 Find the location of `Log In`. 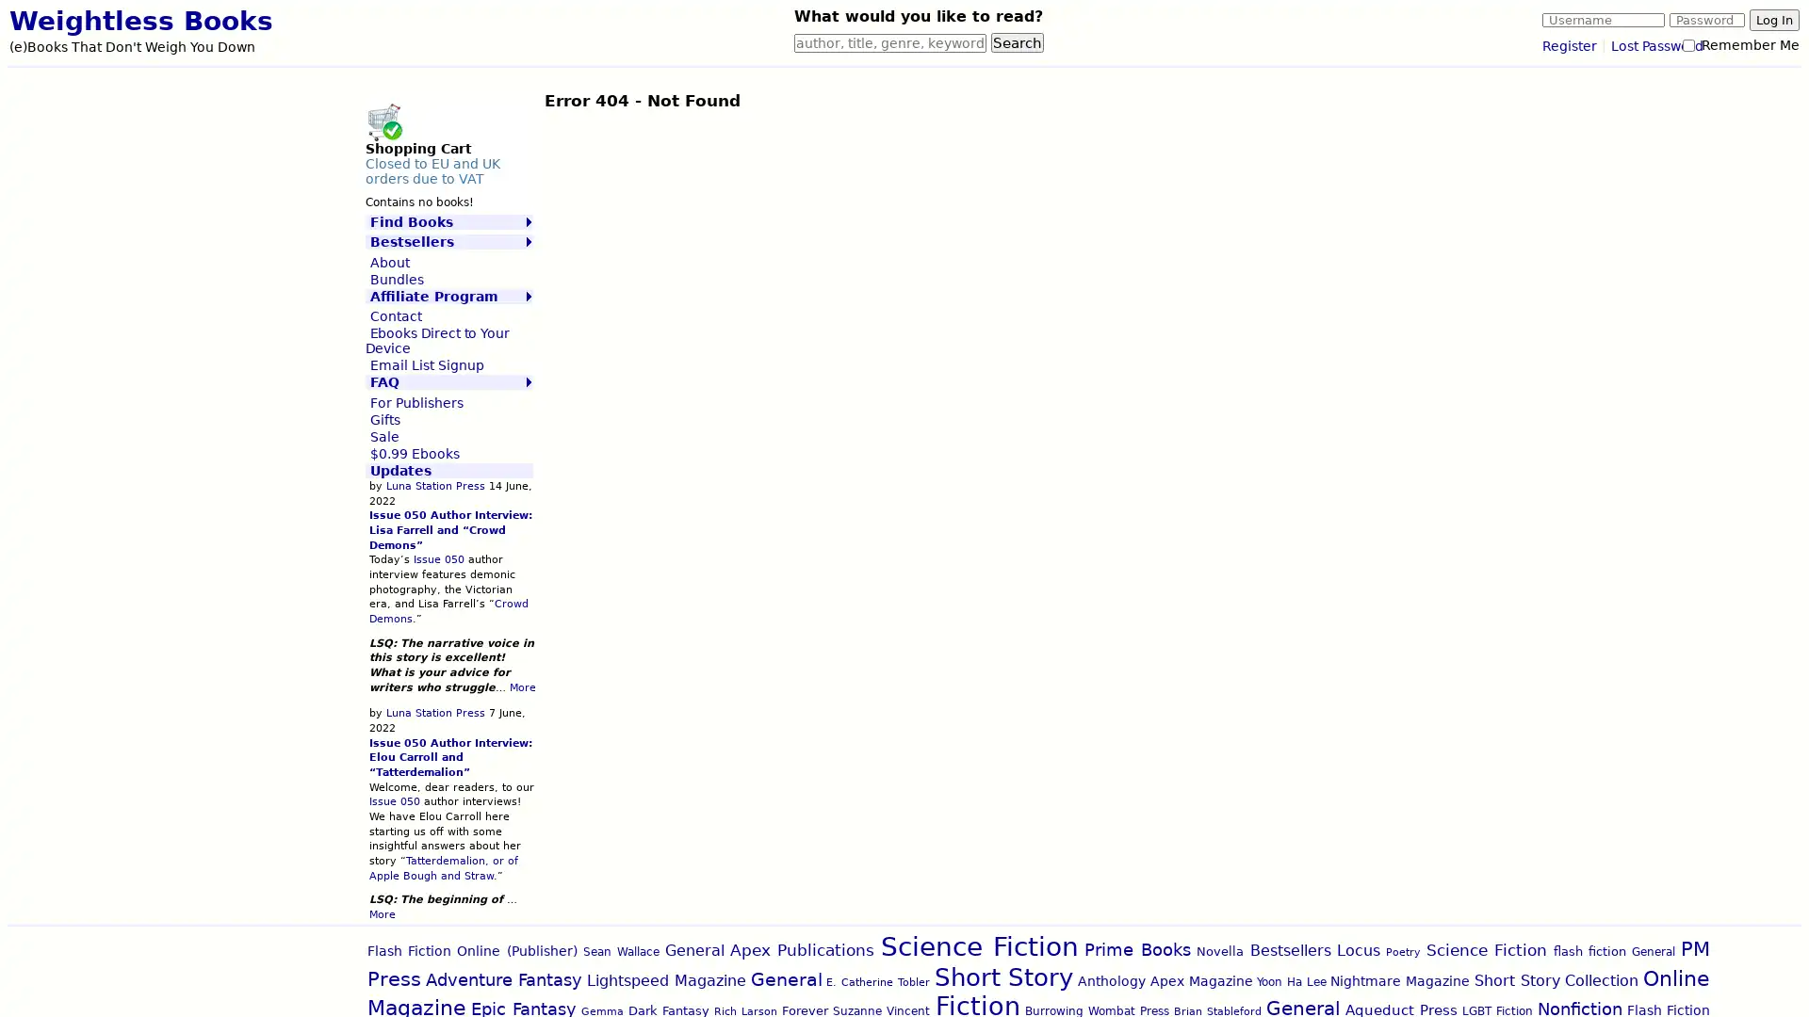

Log In is located at coordinates (1773, 20).